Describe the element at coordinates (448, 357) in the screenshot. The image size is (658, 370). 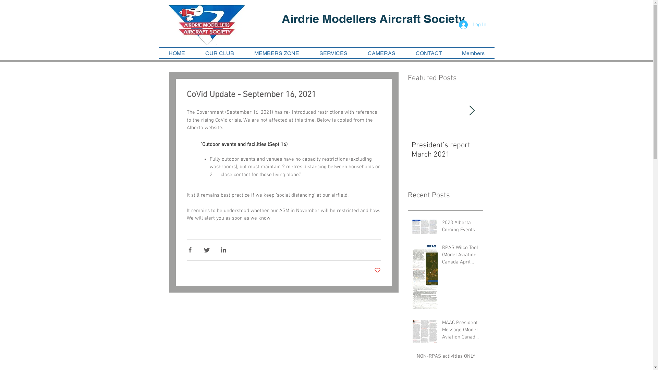
I see `'NON-RPAS activities ONLY'` at that location.